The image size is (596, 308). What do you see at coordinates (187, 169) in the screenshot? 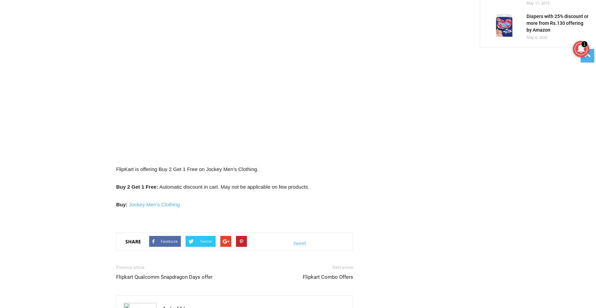
I see `'FlipKart is offering Buy 2 Get 1 Free on Jockey Men’s Clothing.'` at bounding box center [187, 169].